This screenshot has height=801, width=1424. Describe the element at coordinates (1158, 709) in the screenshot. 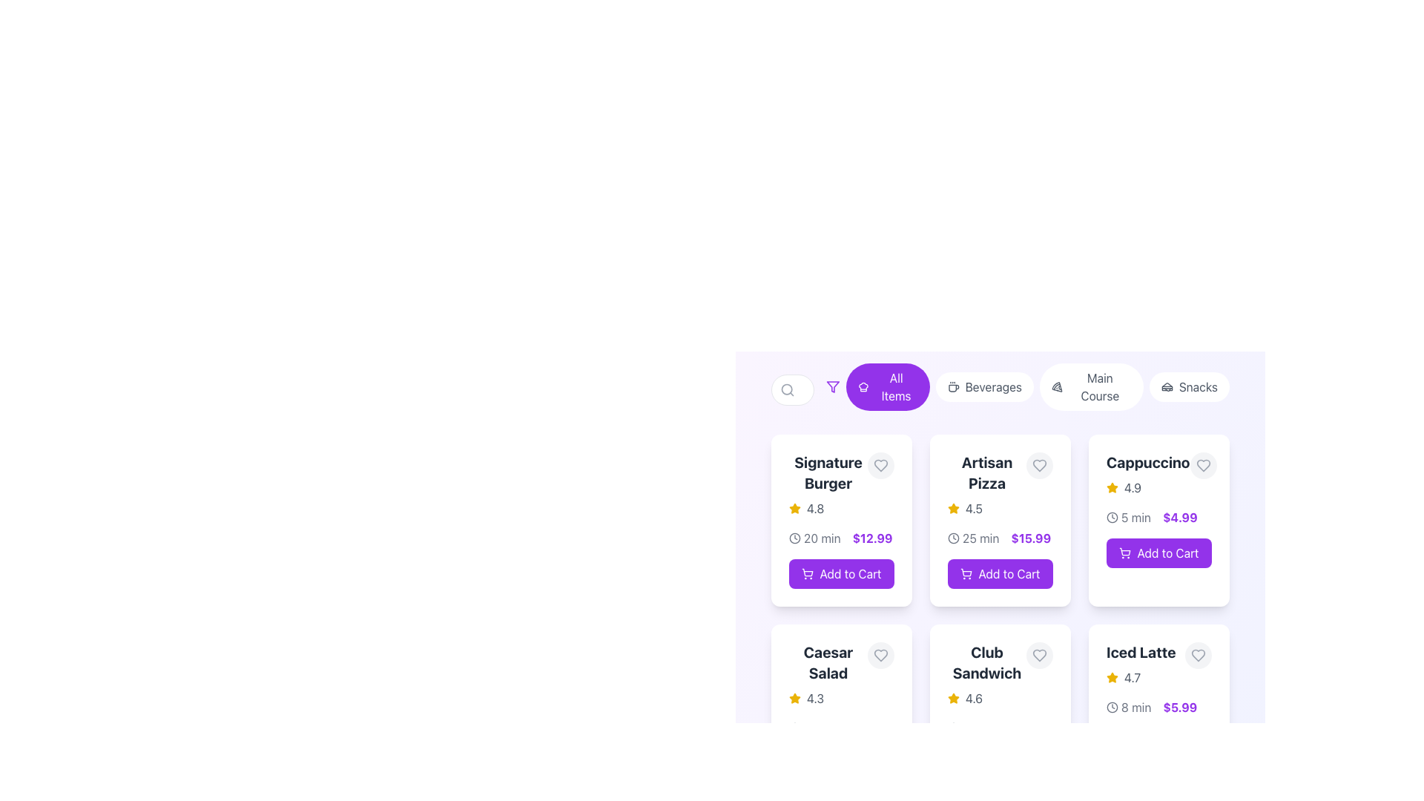

I see `the 'Iced Latte' card which displays its name in bold, a rating of 4.7 with a star icon, preparation time of 8 minutes with a clock icon, price in purple, and an 'Add to Cart' button in white text on a purple background` at that location.